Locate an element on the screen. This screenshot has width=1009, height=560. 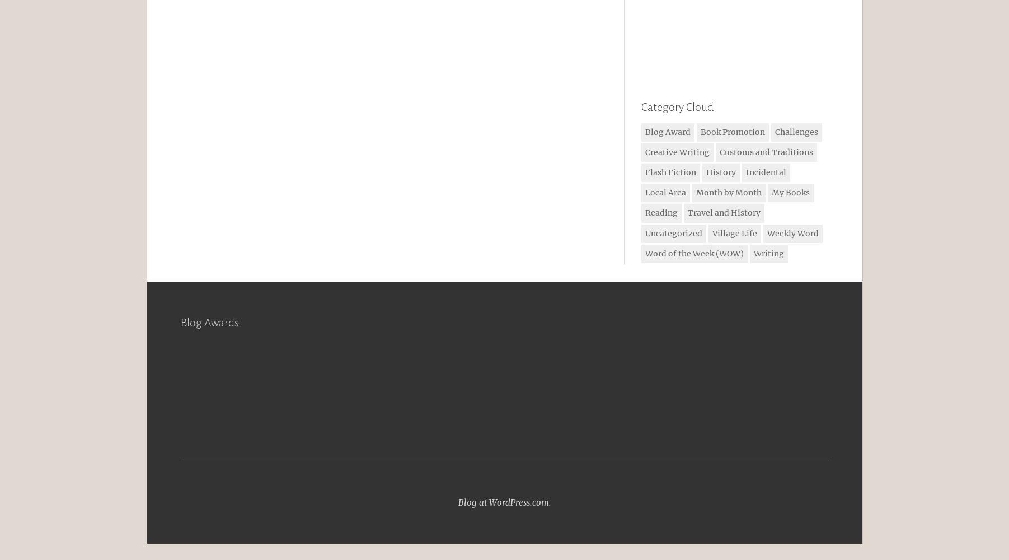
'Flash Fiction' is located at coordinates (669, 172).